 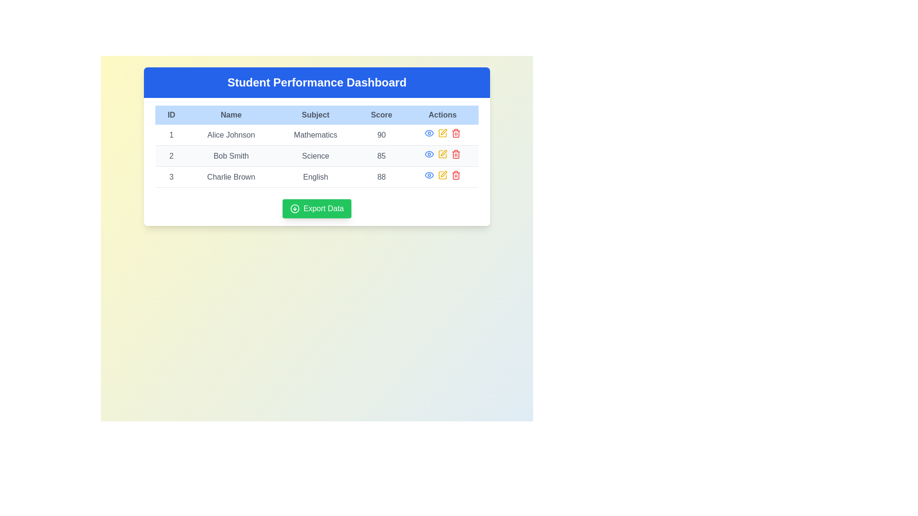 I want to click on the text element in the leftmost column of the table that identifies the row for 'Charlie Brown' in 'English', so click(x=171, y=177).